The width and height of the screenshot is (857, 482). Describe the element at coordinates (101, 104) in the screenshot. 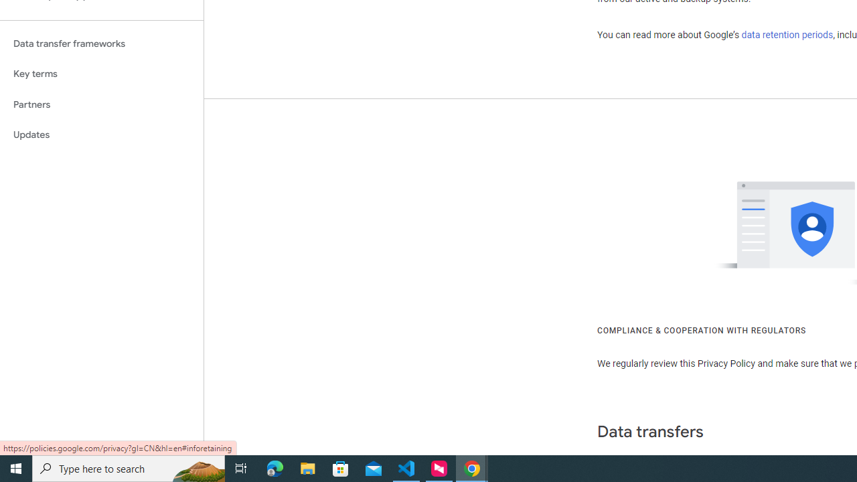

I see `'Partners'` at that location.